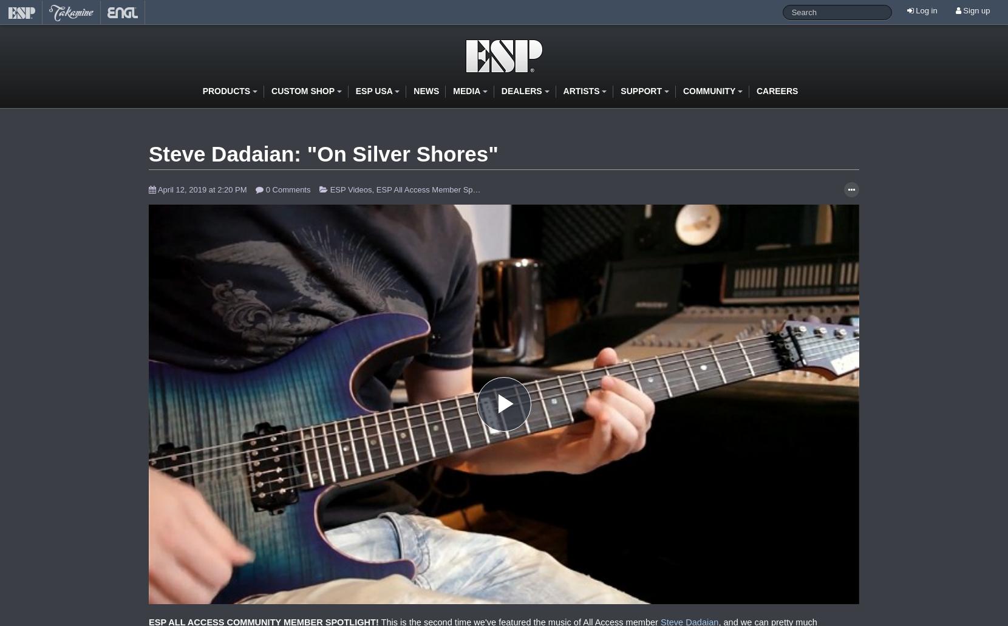 The height and width of the screenshot is (626, 1008). Describe the element at coordinates (323, 153) in the screenshot. I see `'Steve Dadaian: "On Silver Shores"'` at that location.